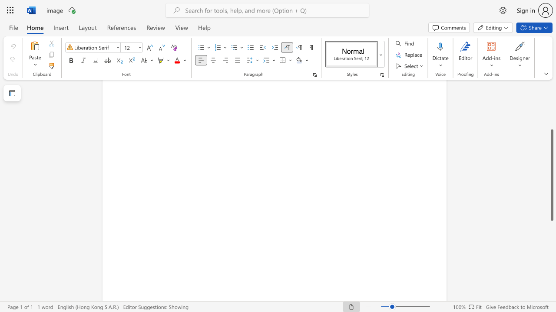 The height and width of the screenshot is (312, 556). I want to click on the scrollbar and move up 30 pixels, so click(551, 175).